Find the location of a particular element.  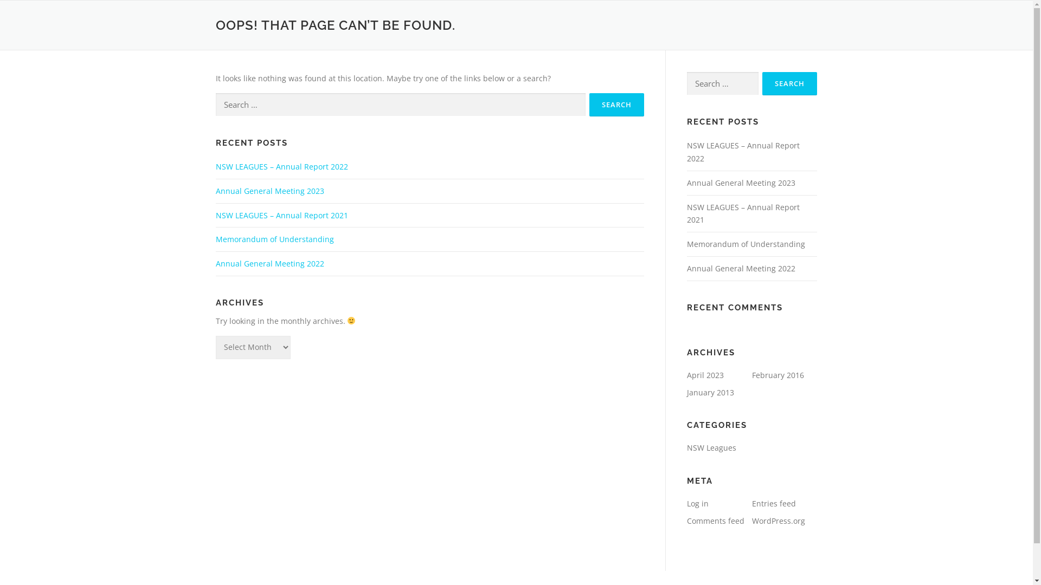

'Annual General Meeting 2022' is located at coordinates (740, 268).